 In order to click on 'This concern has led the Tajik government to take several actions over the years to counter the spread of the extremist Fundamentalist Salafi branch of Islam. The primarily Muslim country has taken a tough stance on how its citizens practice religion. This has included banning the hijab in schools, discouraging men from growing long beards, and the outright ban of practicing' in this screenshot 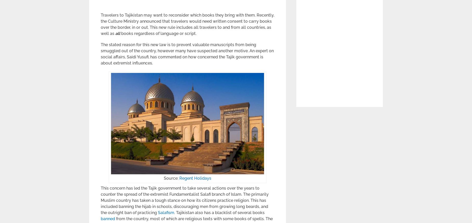, I will do `click(185, 200)`.